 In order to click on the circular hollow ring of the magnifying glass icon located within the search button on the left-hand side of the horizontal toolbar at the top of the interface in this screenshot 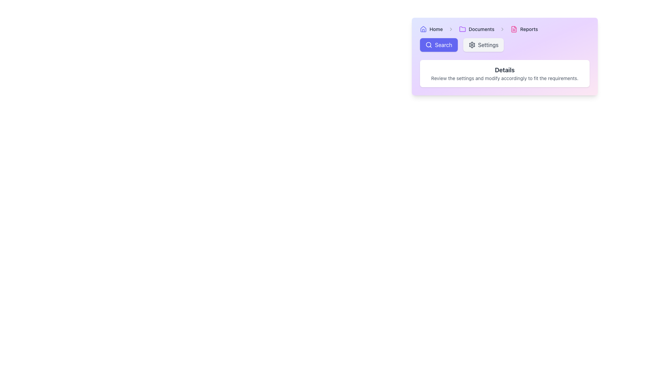, I will do `click(428, 45)`.